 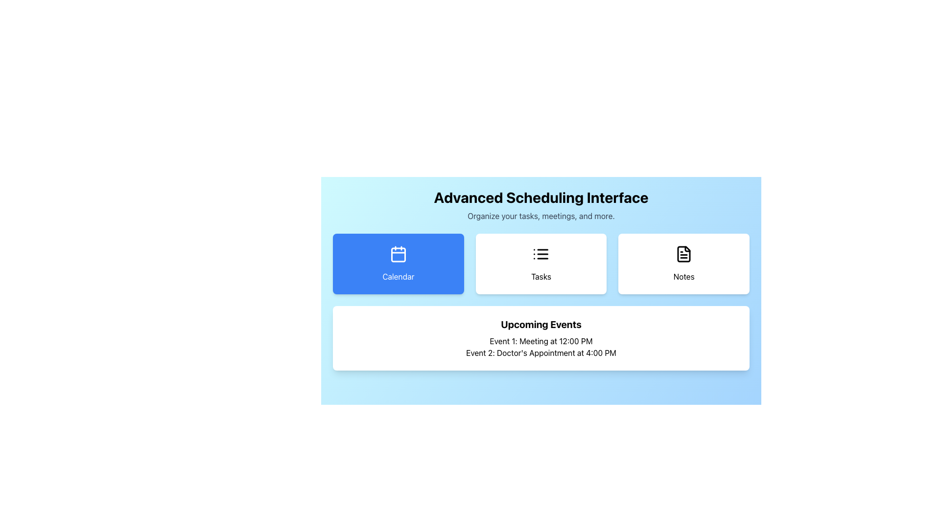 What do you see at coordinates (540, 337) in the screenshot?
I see `the informational Text Block that lists scheduled events and times, located below the 'Calendar', 'Tasks', and 'Notes' buttons` at bounding box center [540, 337].